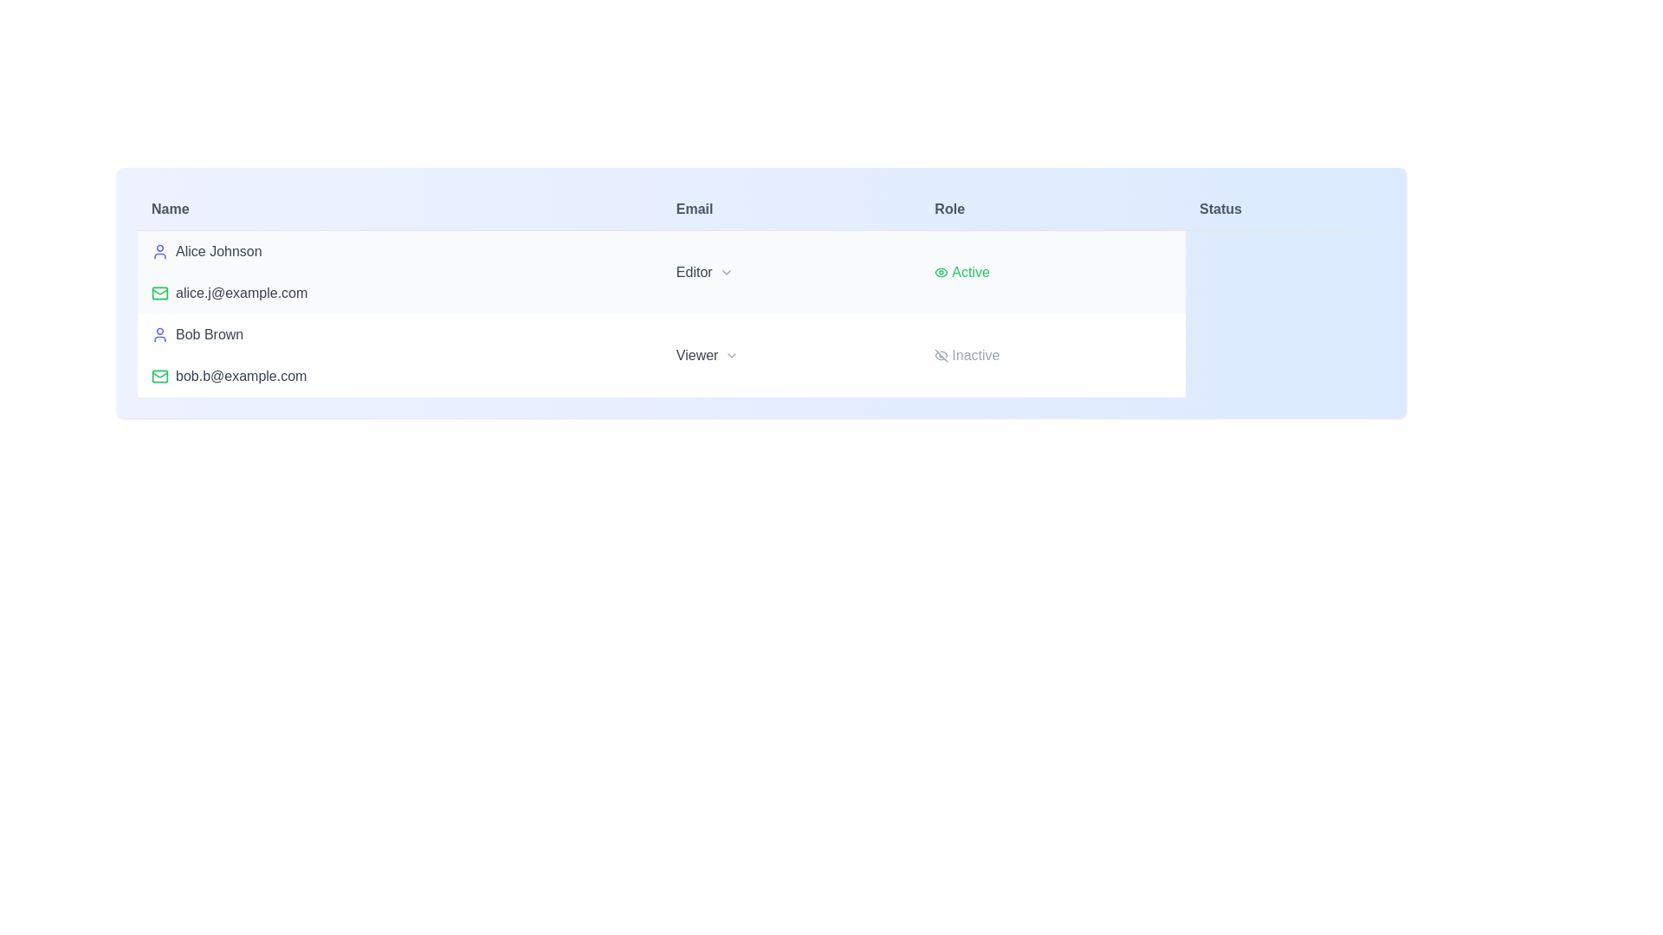 Image resolution: width=1663 pixels, height=935 pixels. Describe the element at coordinates (941, 273) in the screenshot. I see `the eye-shaped SVG icon outlined with a thin black stroke, located in the 'Role' column next to the 'Active' label in green text` at that location.